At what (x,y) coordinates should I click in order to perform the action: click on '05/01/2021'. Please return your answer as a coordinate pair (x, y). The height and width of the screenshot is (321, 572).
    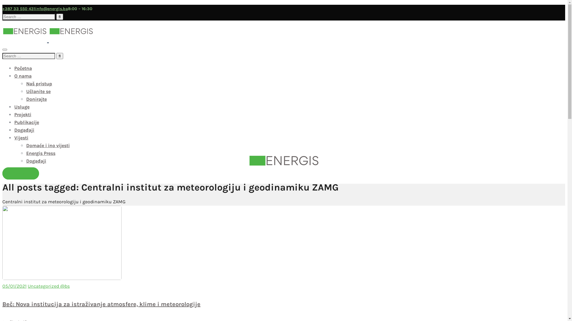
    Looking at the image, I should click on (14, 286).